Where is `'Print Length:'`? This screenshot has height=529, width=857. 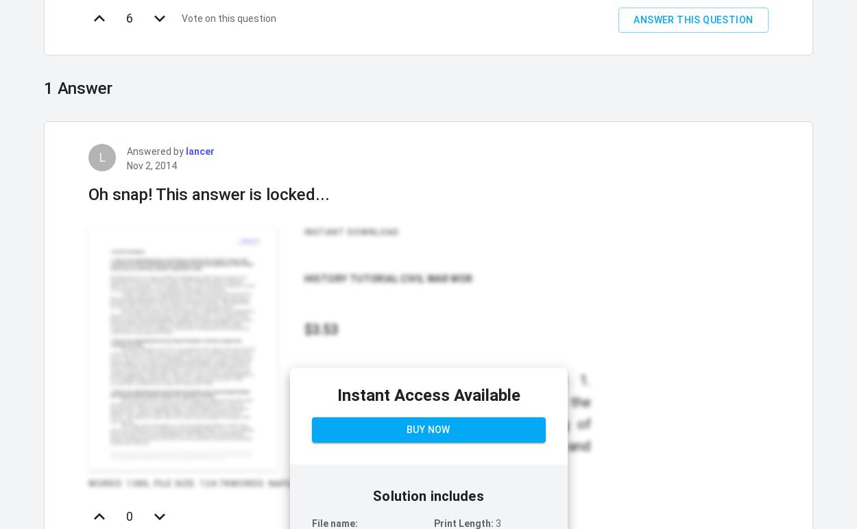 'Print Length:' is located at coordinates (465, 521).